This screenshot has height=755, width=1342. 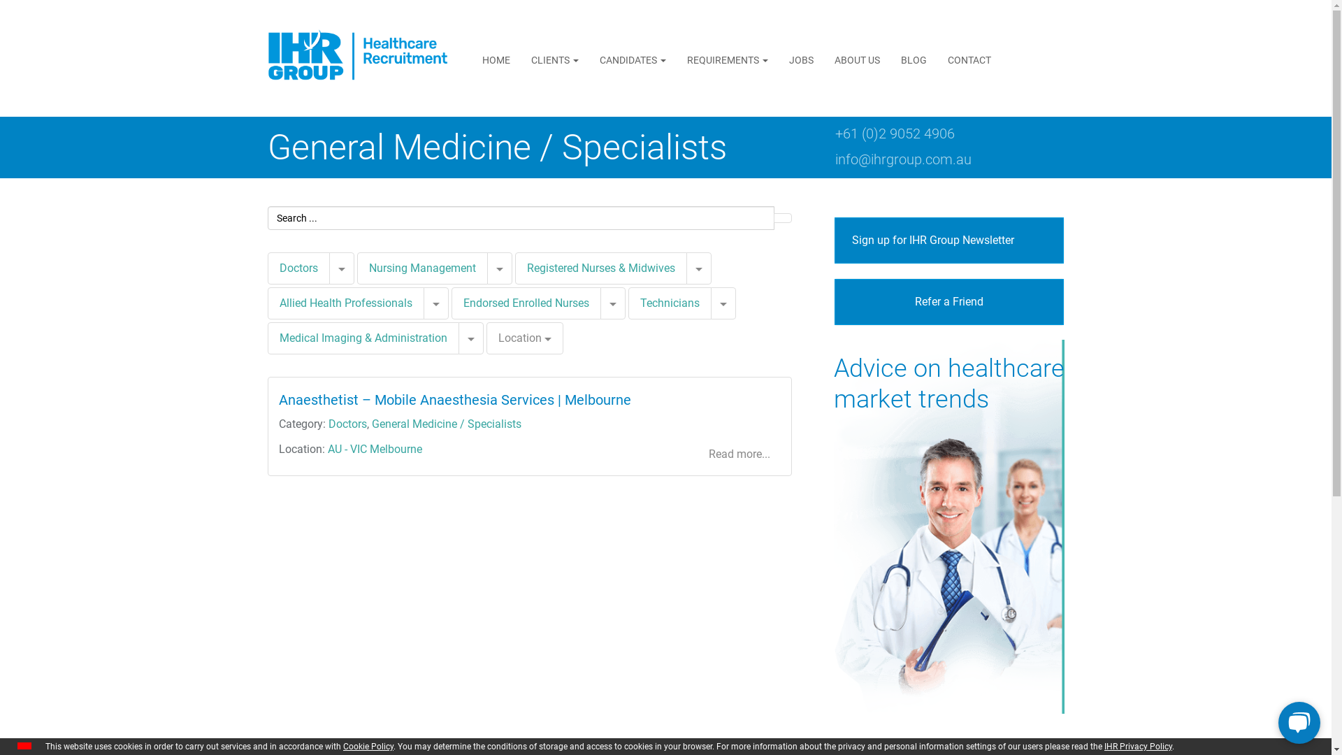 I want to click on 'Registered Nurses & Midwives', so click(x=513, y=268).